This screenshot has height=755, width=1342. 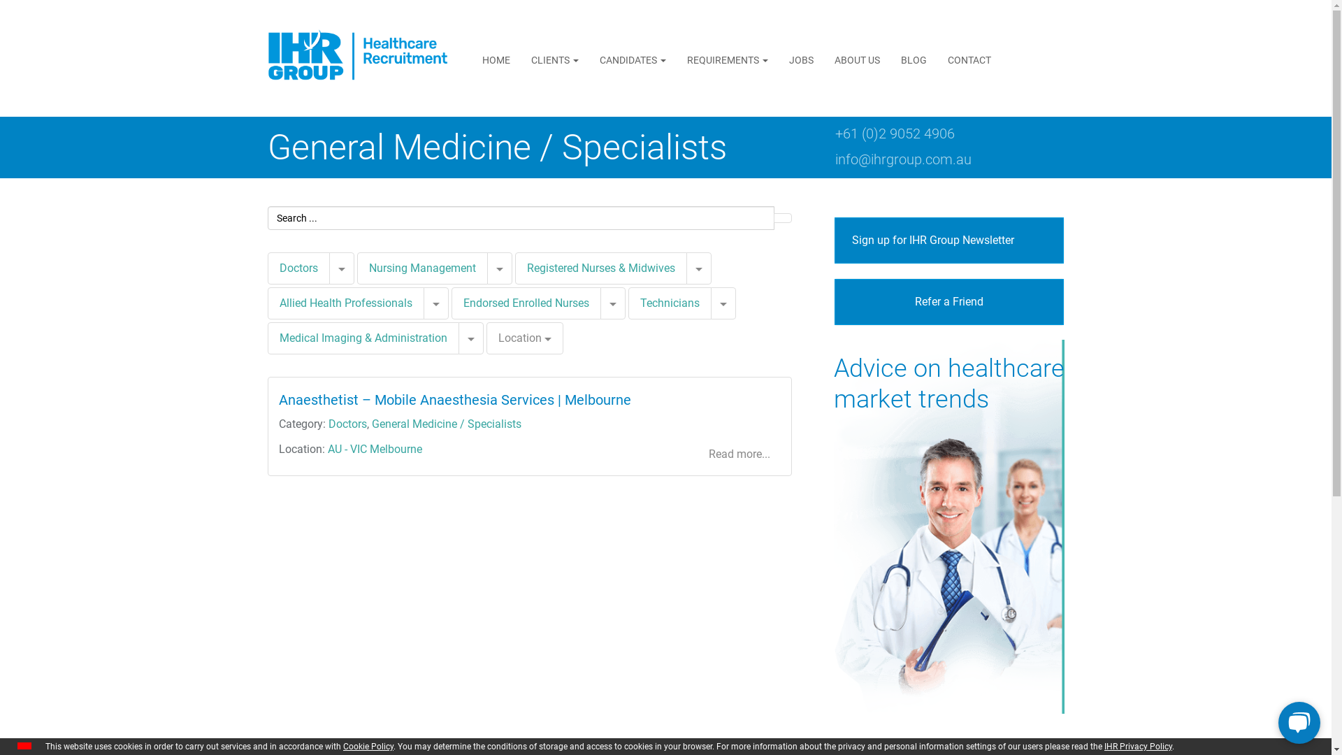 I want to click on 'Registered Nurses & Midwives', so click(x=513, y=268).